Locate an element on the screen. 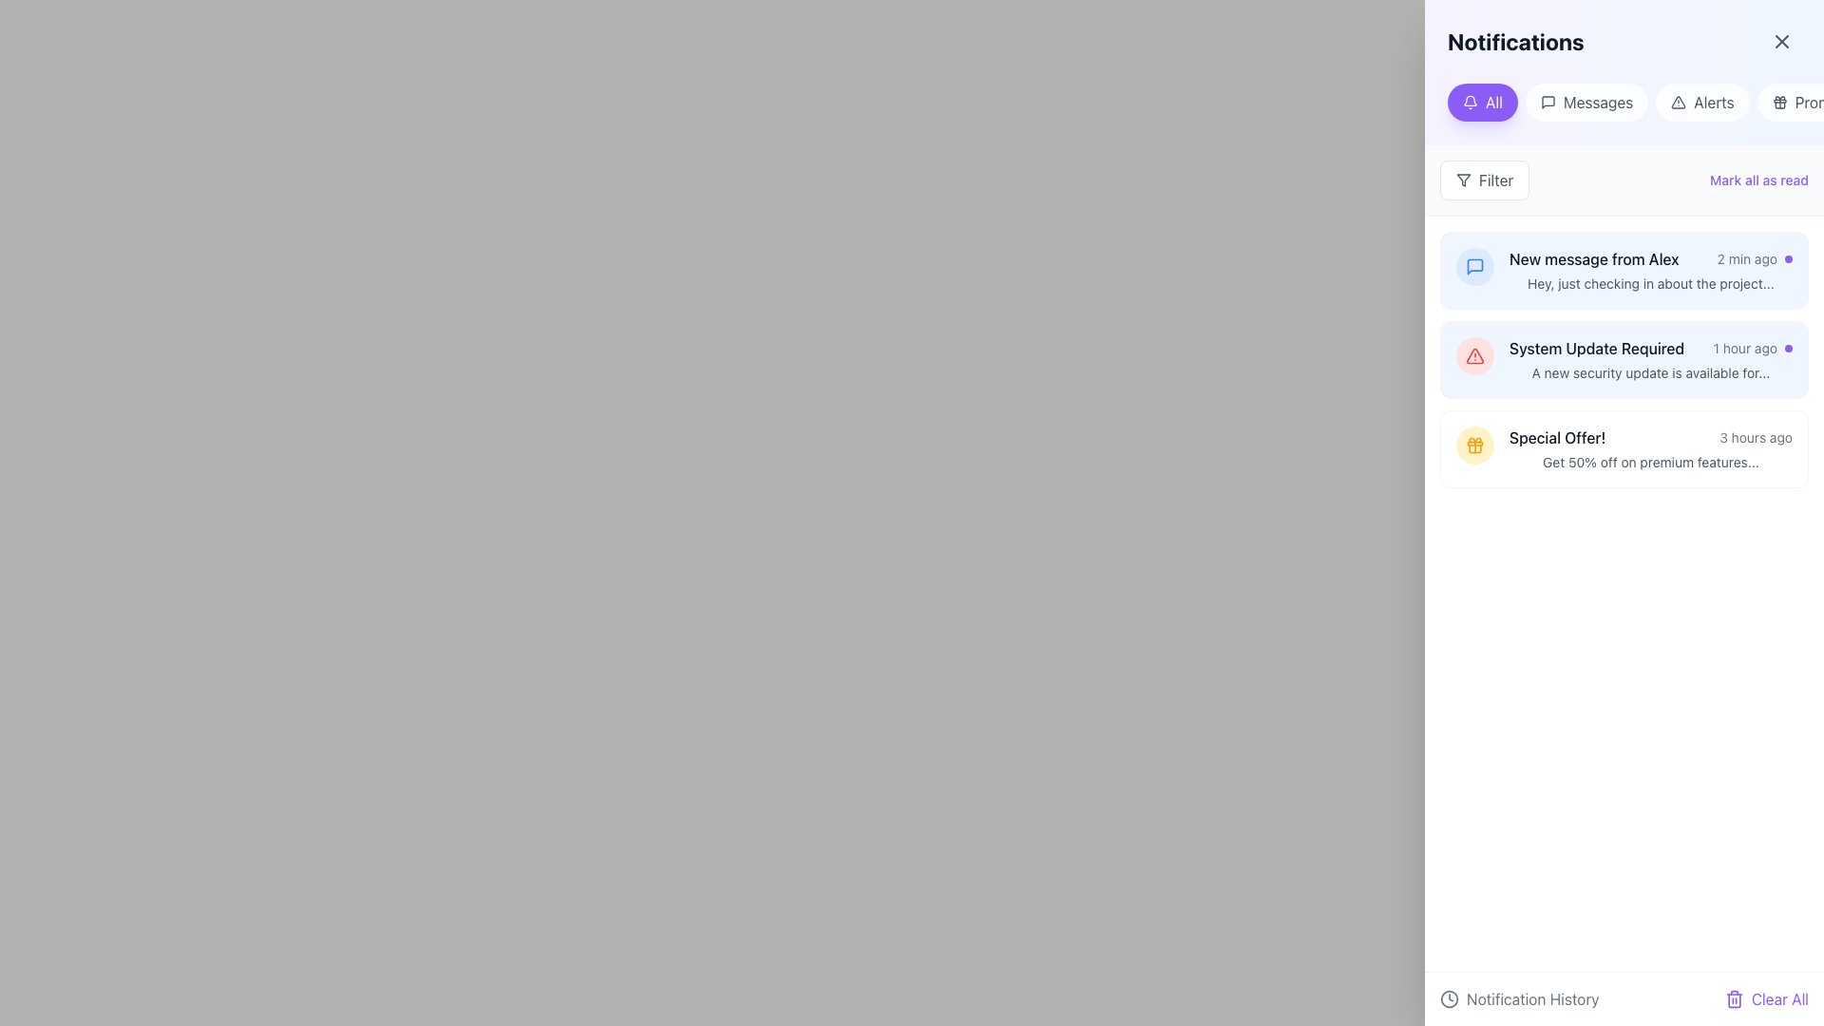  the button located on the right end of the 'New message from Alex' notification to pin it for easier access is located at coordinates (1738, 271).